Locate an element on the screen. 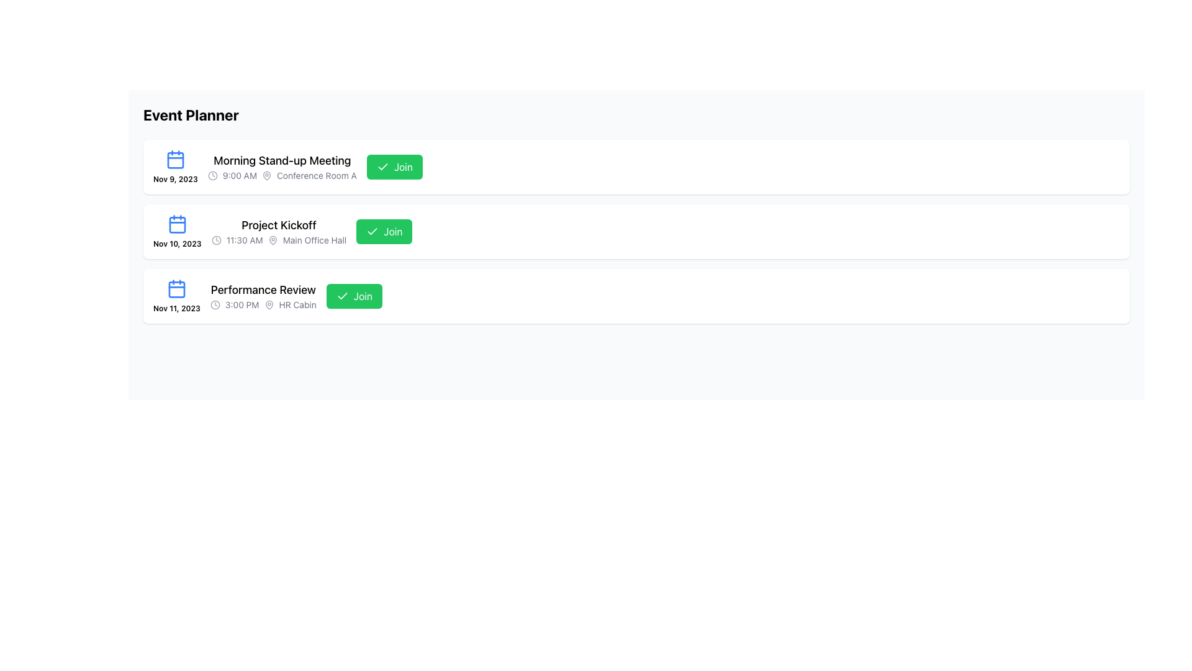 This screenshot has width=1192, height=671. displayed time from the text label showing '9:00 AM', which is located near the middle-left of the UI section, next to the 'Morning Stand-up Meeting' title is located at coordinates (240, 175).